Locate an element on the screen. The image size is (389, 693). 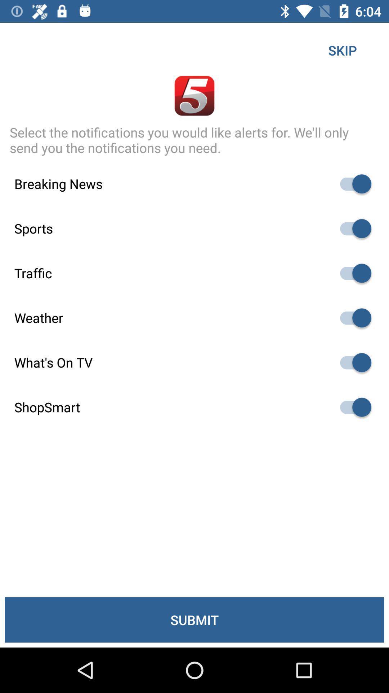
the icon above the select the notifications item is located at coordinates (342, 50).